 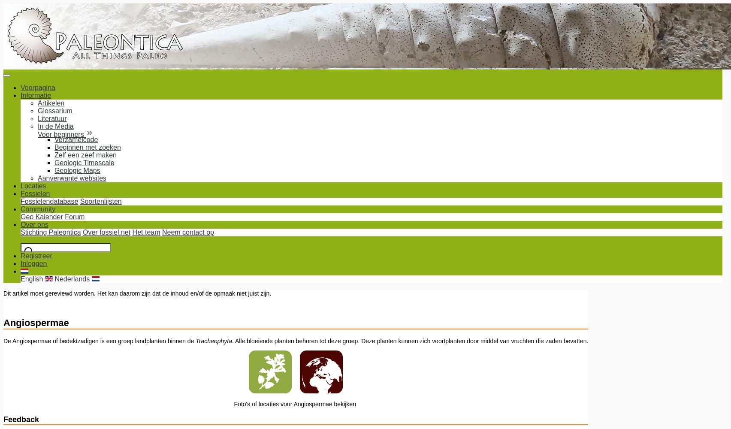 What do you see at coordinates (295, 403) in the screenshot?
I see `'Foto's of locaties voor Angiospermae bekijken'` at bounding box center [295, 403].